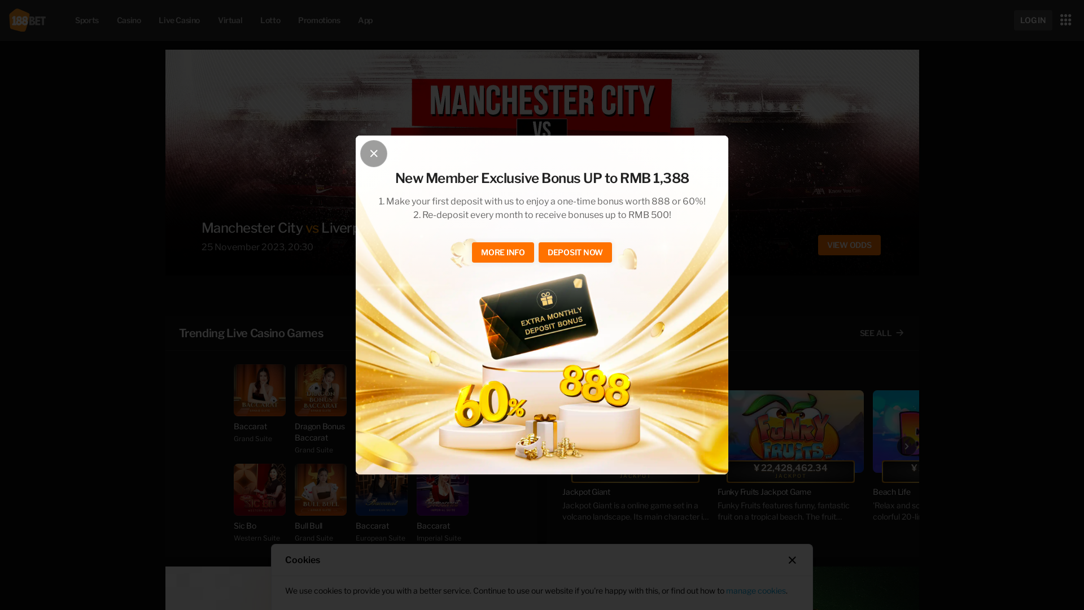 This screenshot has height=610, width=1084. What do you see at coordinates (881, 333) in the screenshot?
I see `'SEE ALL'` at bounding box center [881, 333].